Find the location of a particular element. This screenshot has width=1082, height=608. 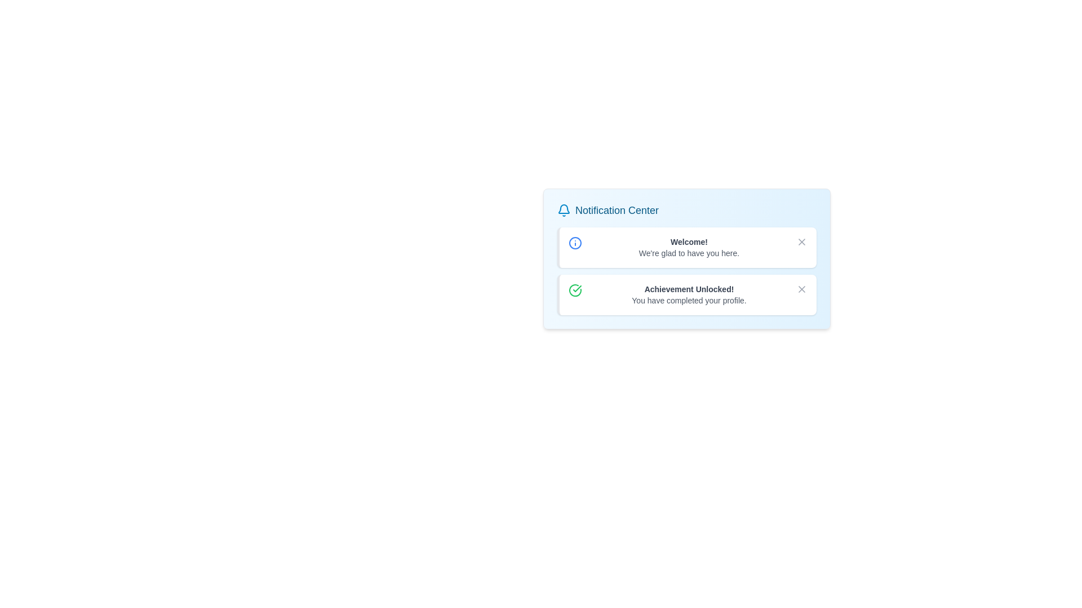

the dismiss icon located at the far right of the notification card that contains the text 'Achievement Unlocked! You have completed your profile.' is located at coordinates (801, 288).